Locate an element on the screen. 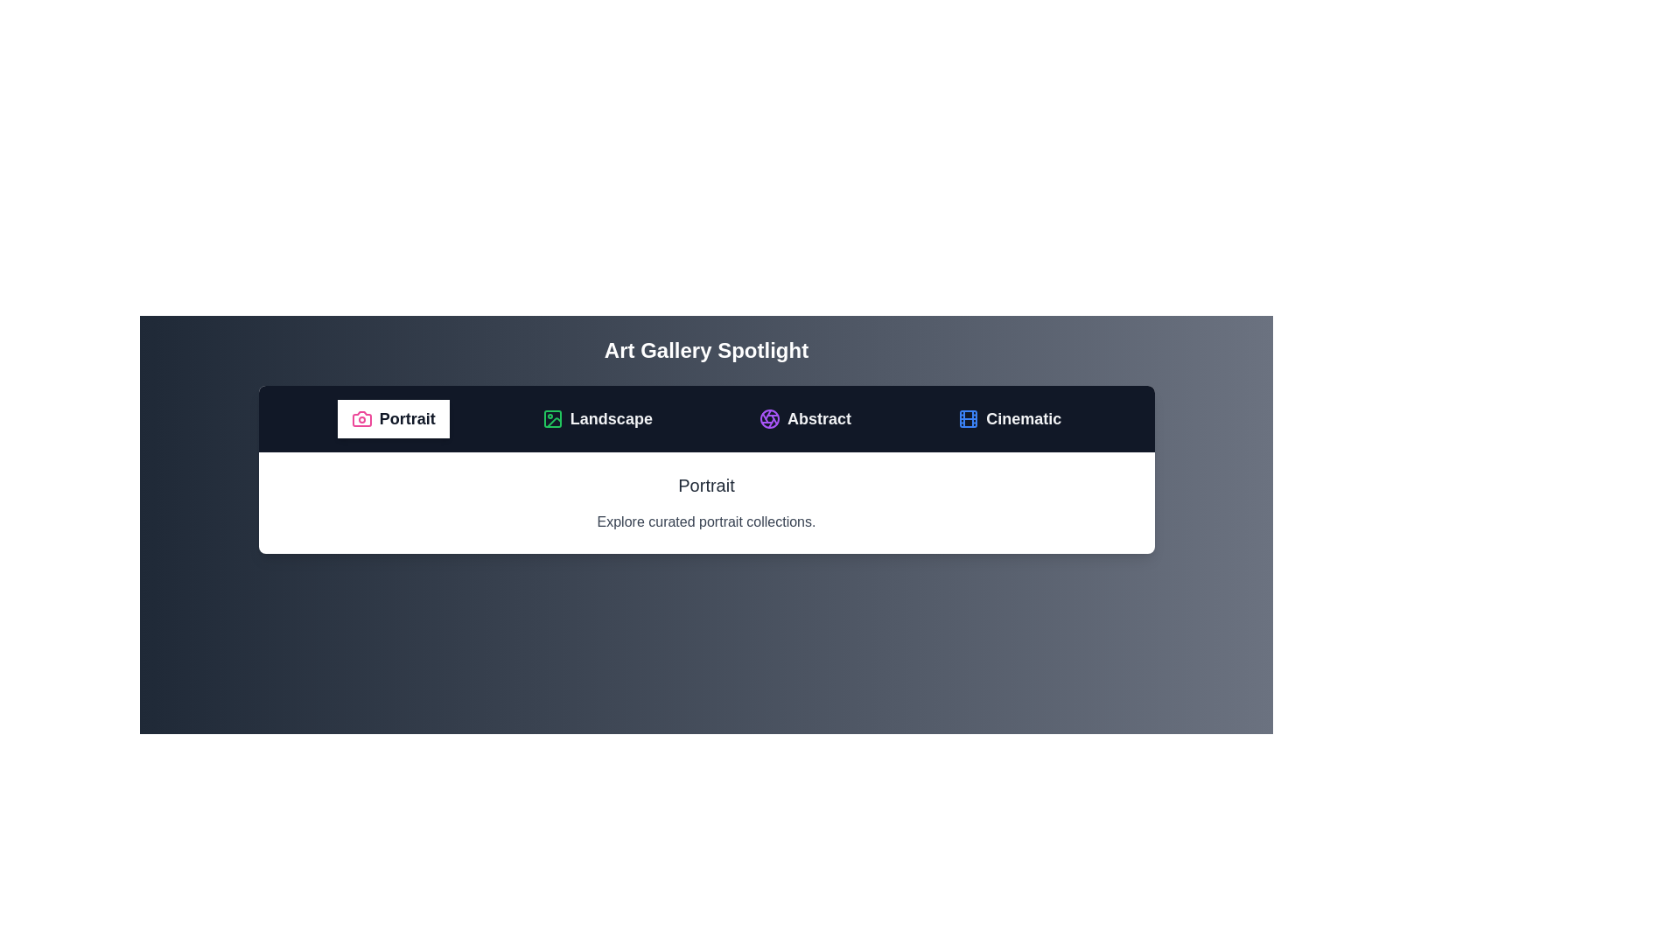 Image resolution: width=1680 pixels, height=945 pixels. the tab labeled Landscape is located at coordinates (597, 418).